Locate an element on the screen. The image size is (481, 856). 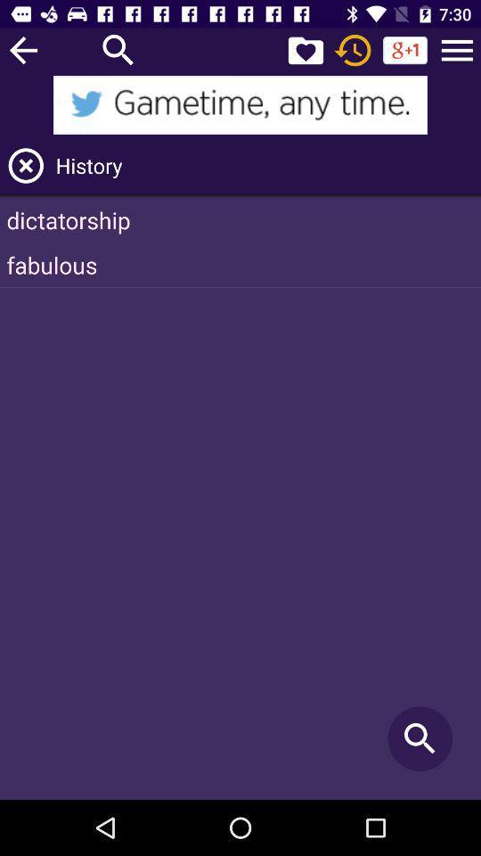
time out is located at coordinates (353, 49).